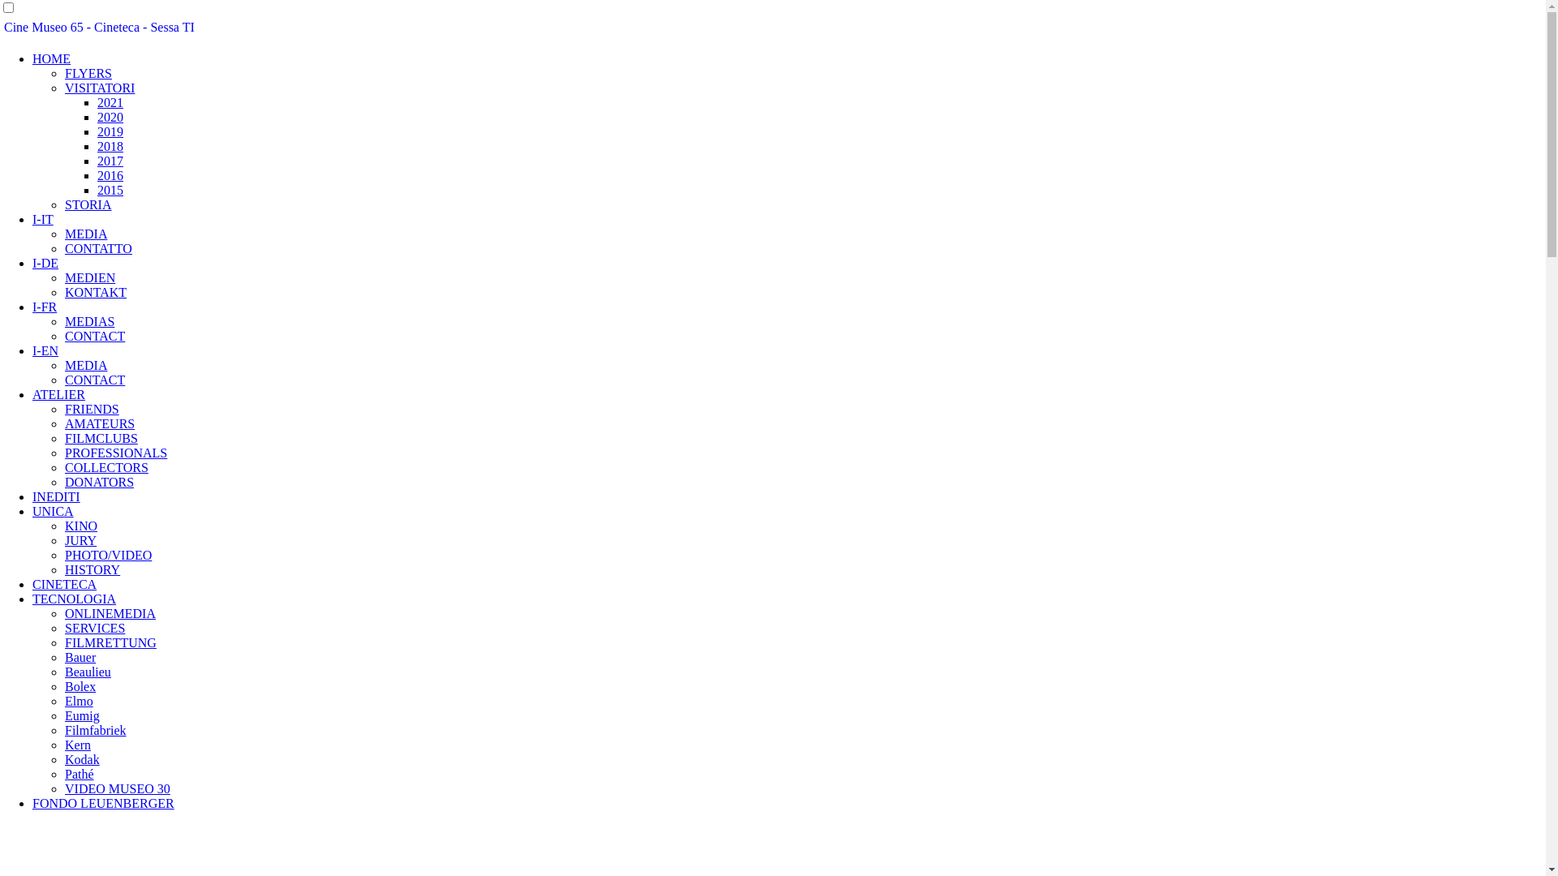 The height and width of the screenshot is (876, 1558). I want to click on '2020', so click(109, 116).